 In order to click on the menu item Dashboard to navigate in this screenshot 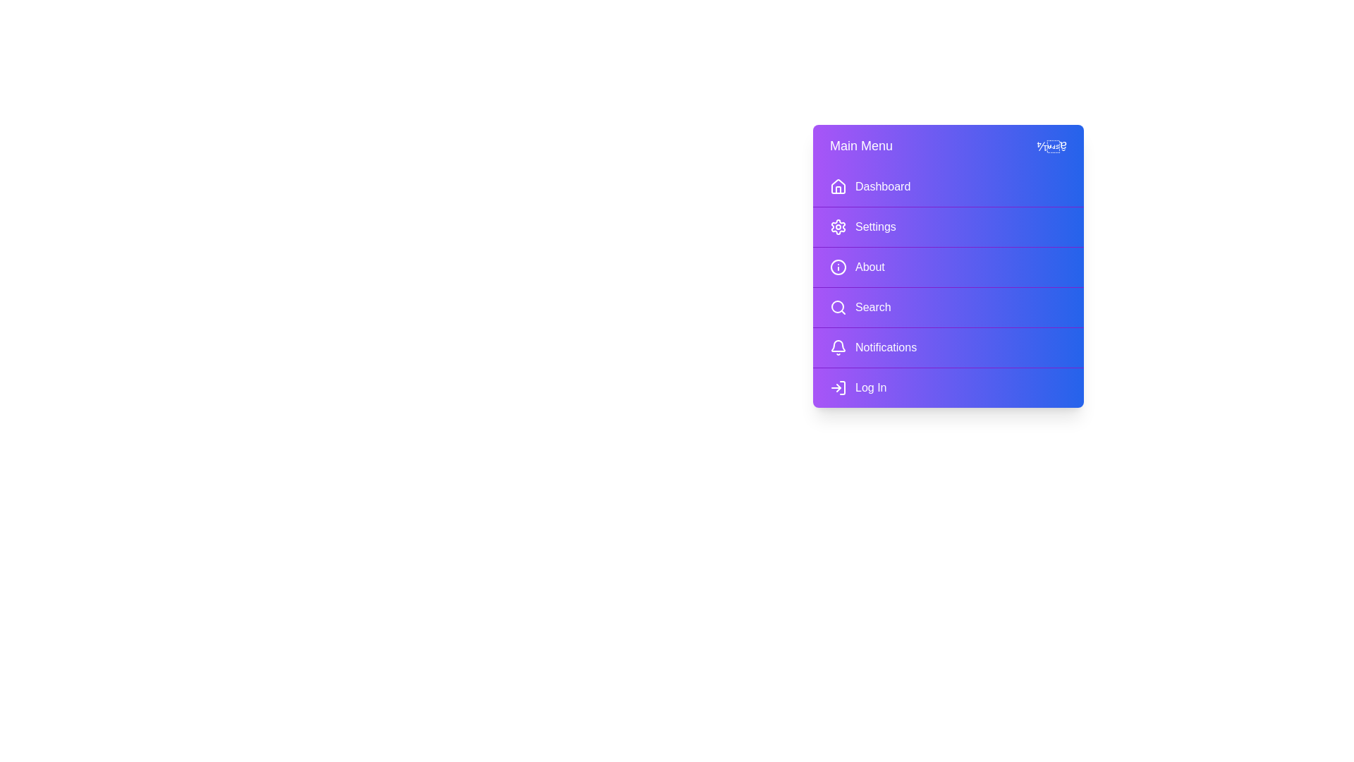, I will do `click(948, 186)`.